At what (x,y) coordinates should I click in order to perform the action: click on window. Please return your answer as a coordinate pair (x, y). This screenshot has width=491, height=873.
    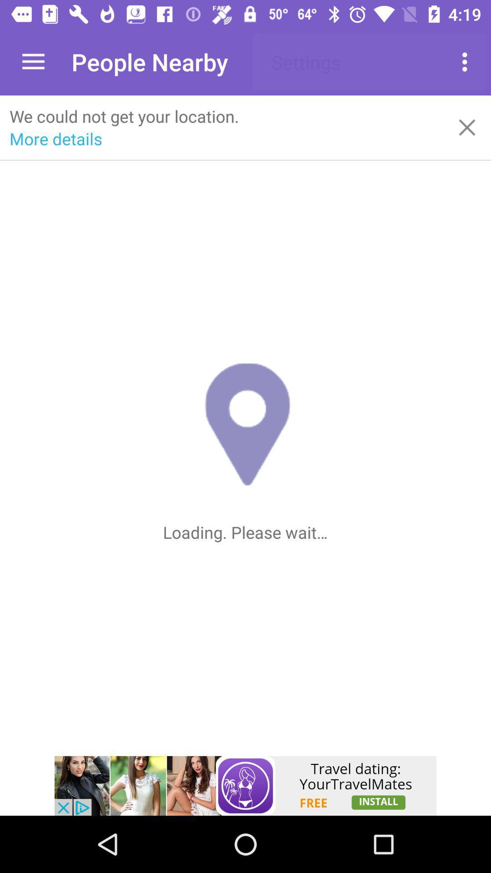
    Looking at the image, I should click on (467, 127).